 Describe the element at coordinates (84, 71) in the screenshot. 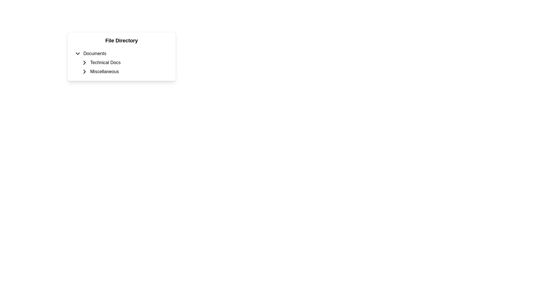

I see `the chevron icon representing navigation for the 'Miscellaneous' folder` at that location.